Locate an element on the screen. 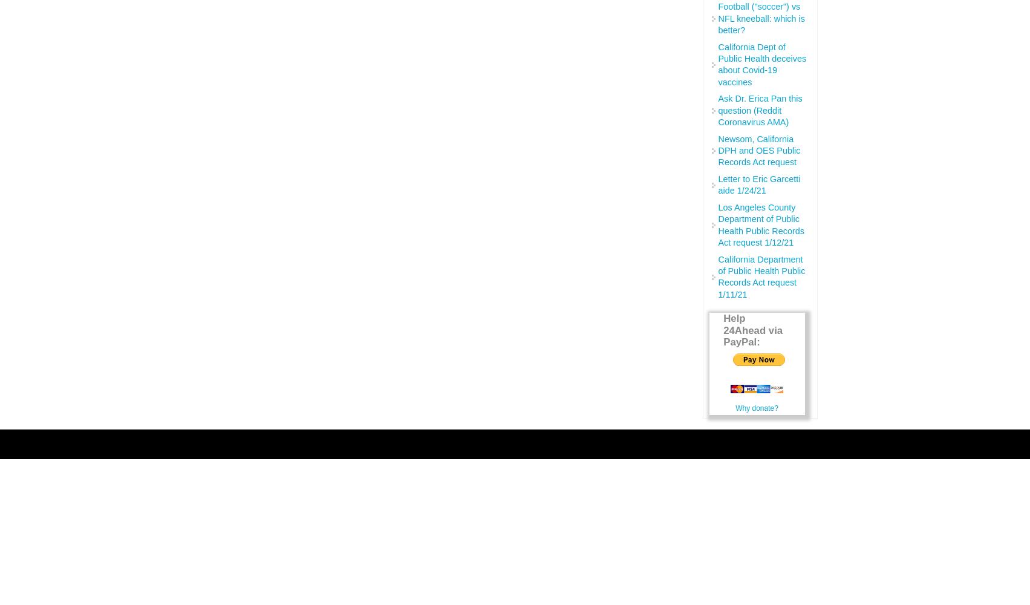  'California Dept of Public Health deceives about Covid-19 vaccines' is located at coordinates (717, 64).